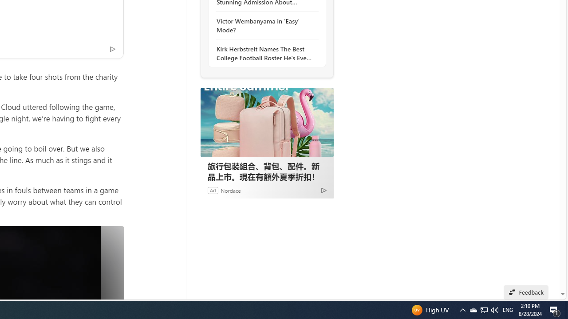 The height and width of the screenshot is (319, 568). I want to click on 'Ad Choice', so click(323, 190).